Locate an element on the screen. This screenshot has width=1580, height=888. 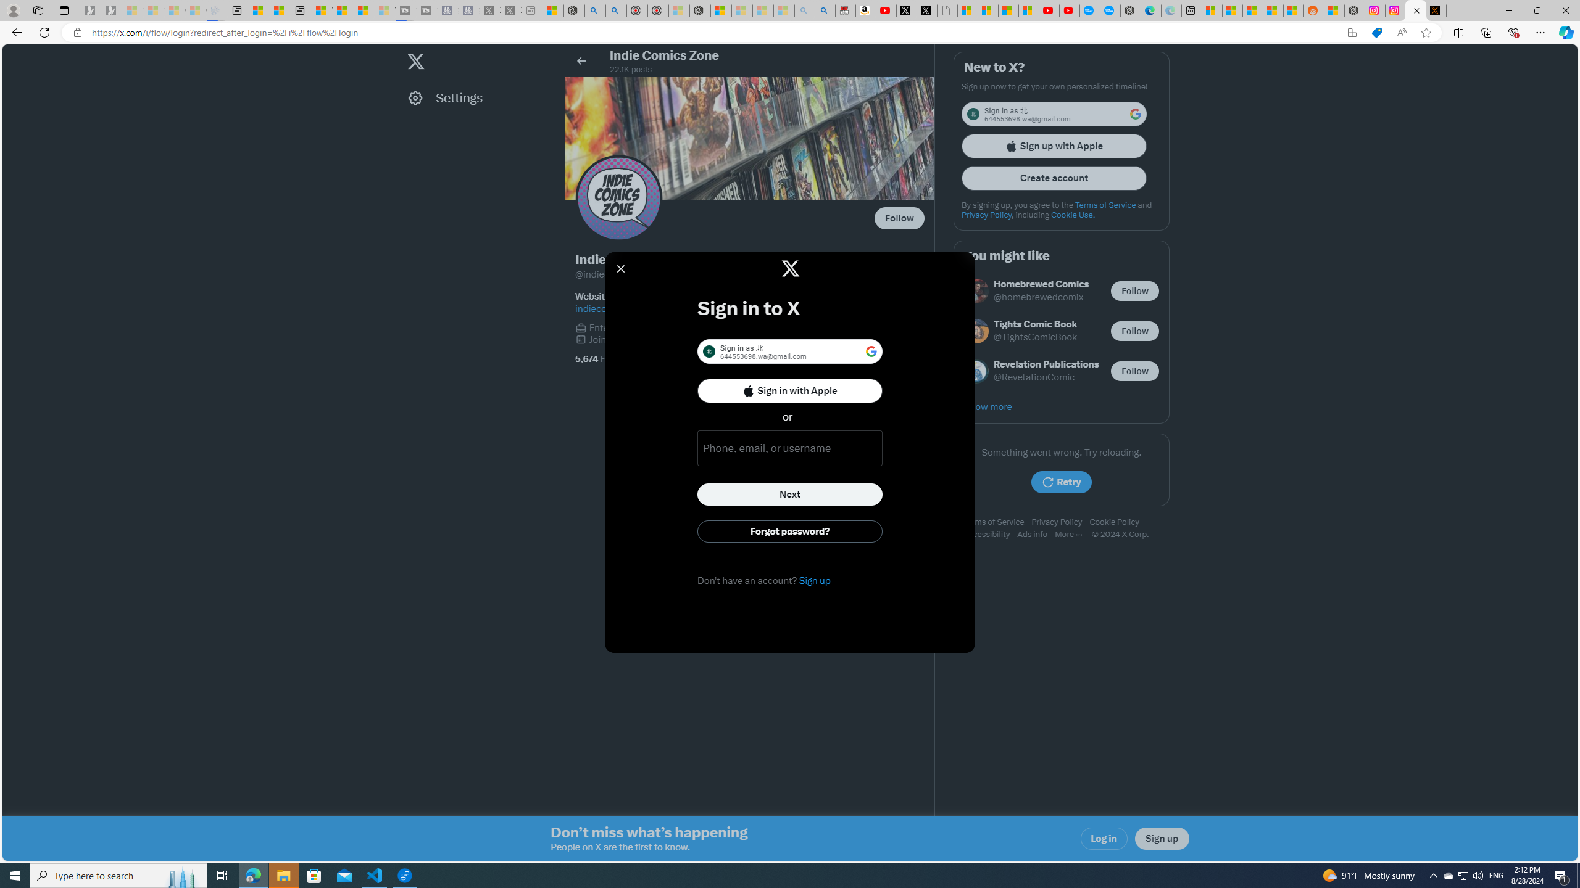
'help.x.com | 524: A timeout occurred' is located at coordinates (1436, 10).